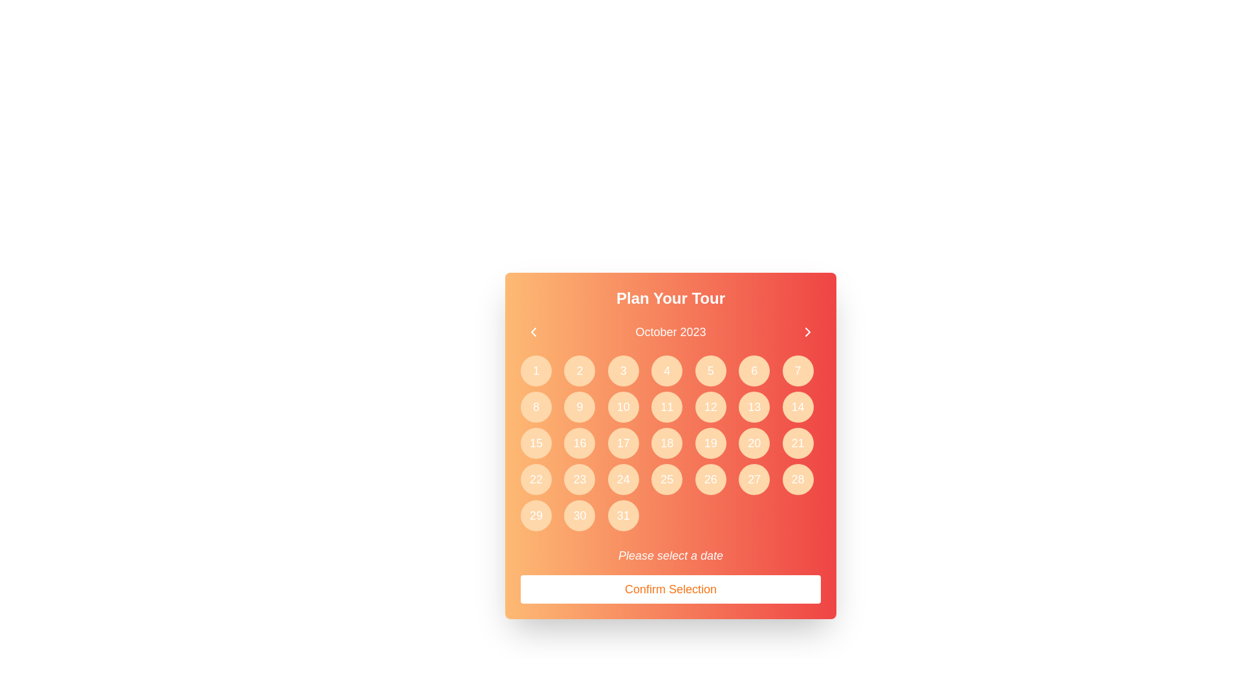 The width and height of the screenshot is (1242, 698). I want to click on the circular button with a vibrant orange background and white text displaying the number '30', so click(579, 515).